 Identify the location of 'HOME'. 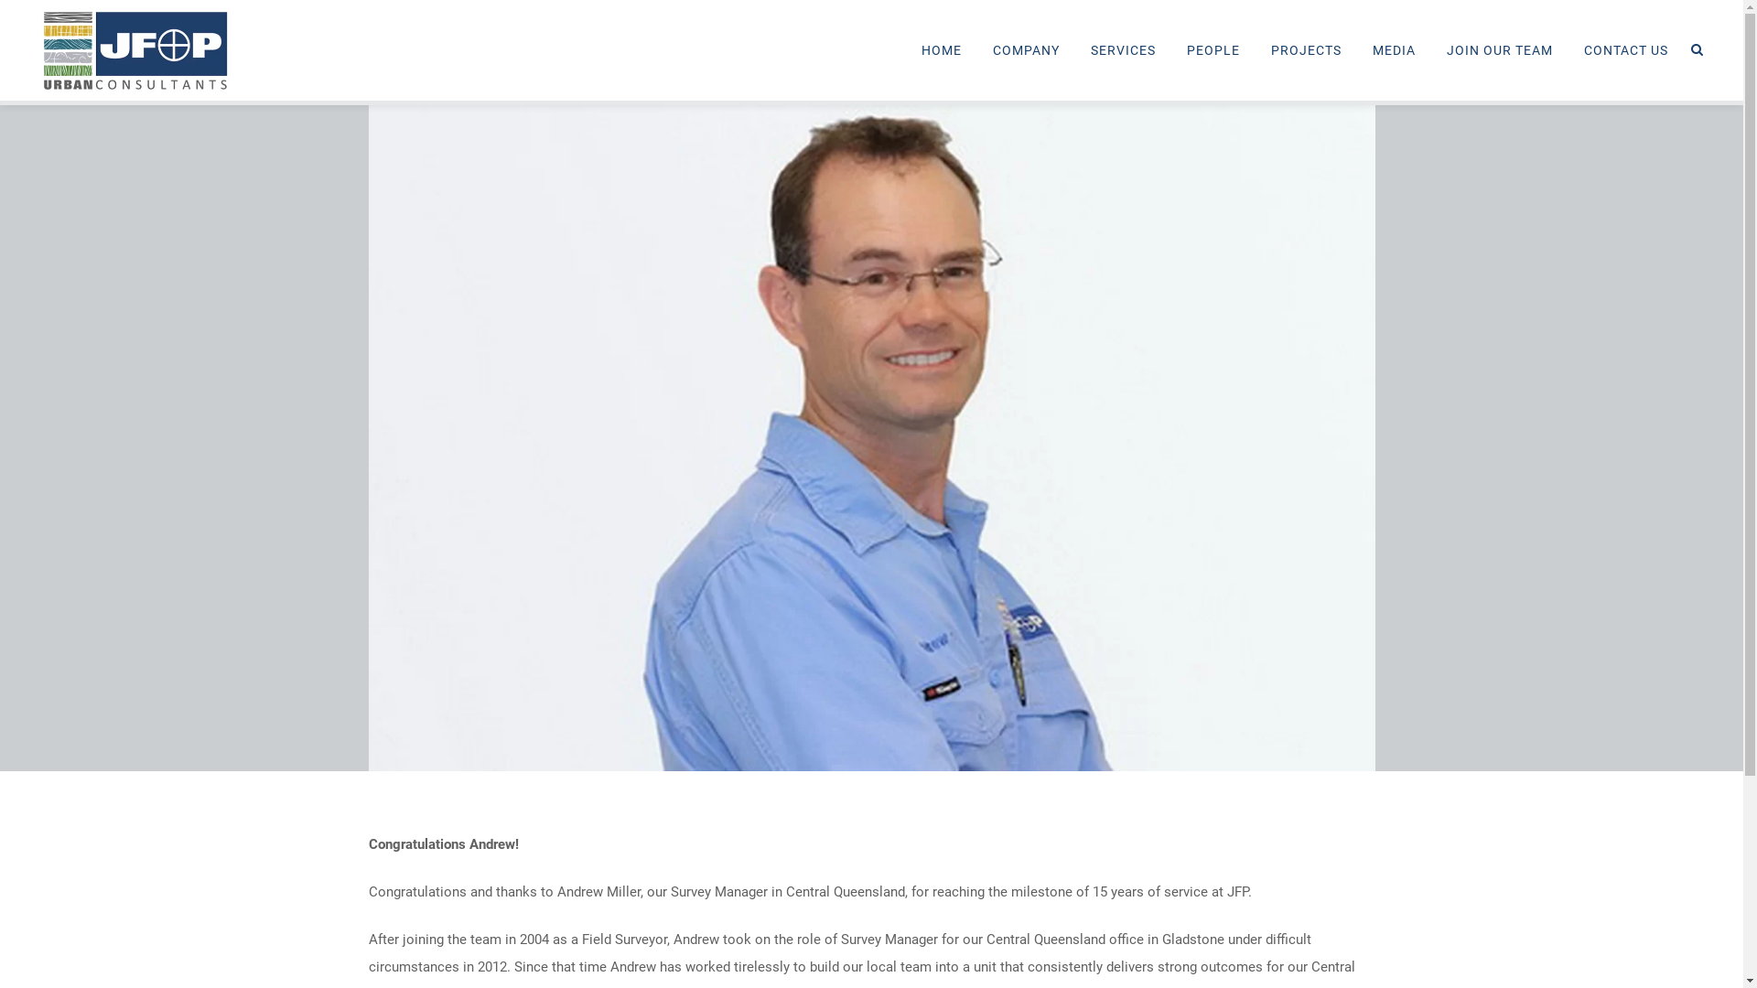
(941, 48).